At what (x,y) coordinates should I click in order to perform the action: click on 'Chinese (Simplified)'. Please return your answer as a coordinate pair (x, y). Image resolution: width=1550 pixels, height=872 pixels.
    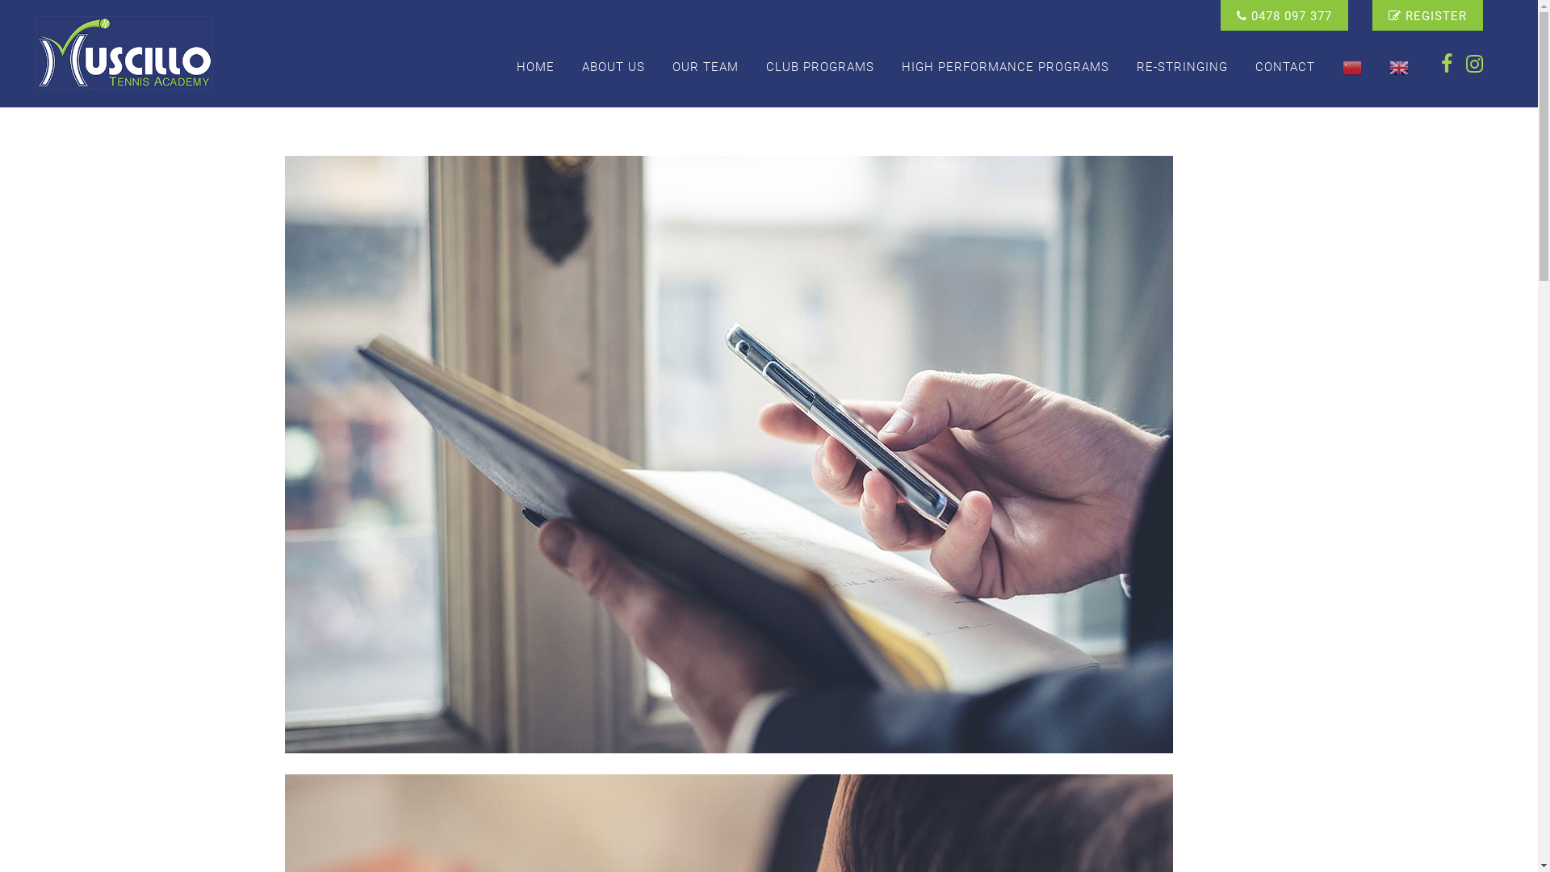
    Looking at the image, I should click on (1329, 66).